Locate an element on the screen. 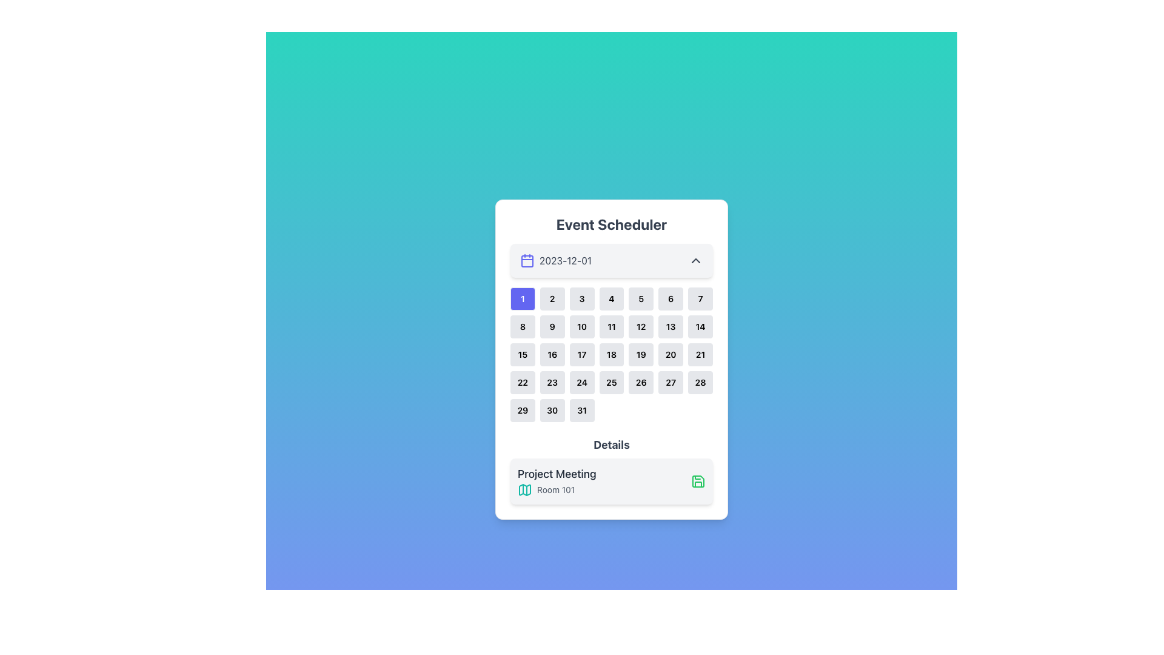 The width and height of the screenshot is (1164, 655). the date displayed as '2023-12-01' next to the calendar icon is located at coordinates (555, 260).